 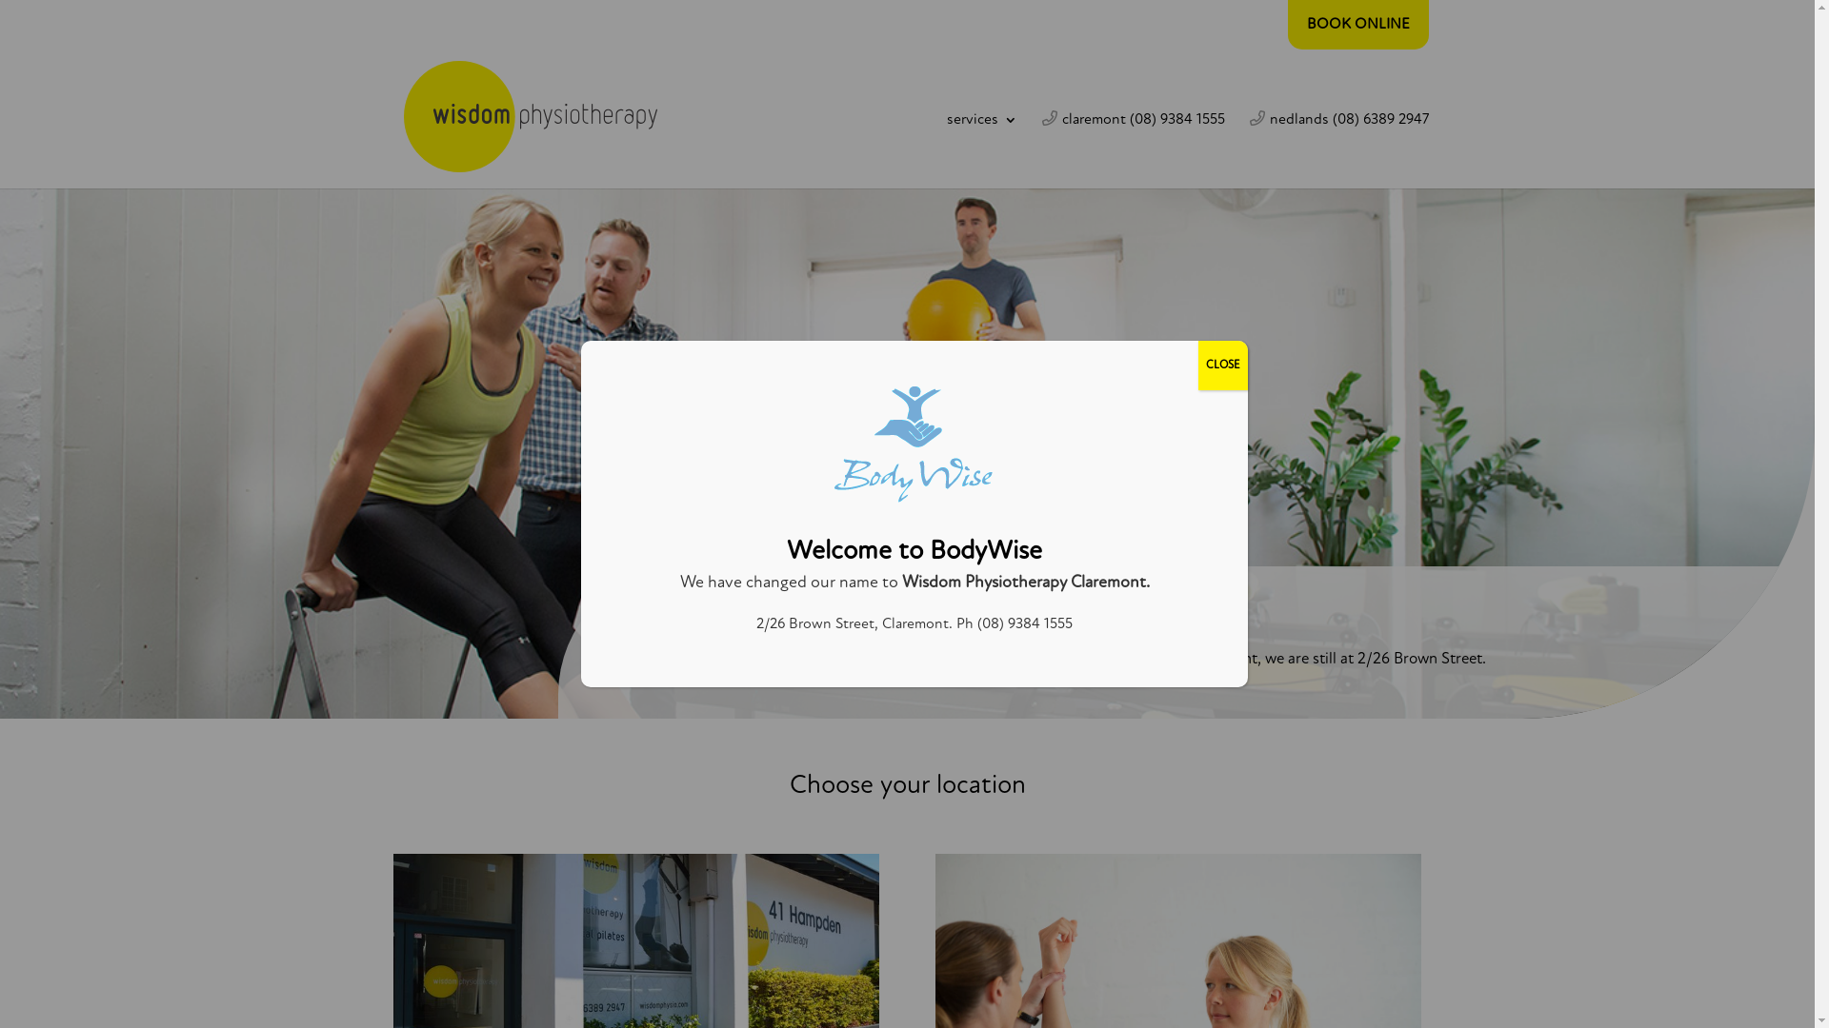 I want to click on 'claremont (08) 9384 1555', so click(x=1134, y=148).